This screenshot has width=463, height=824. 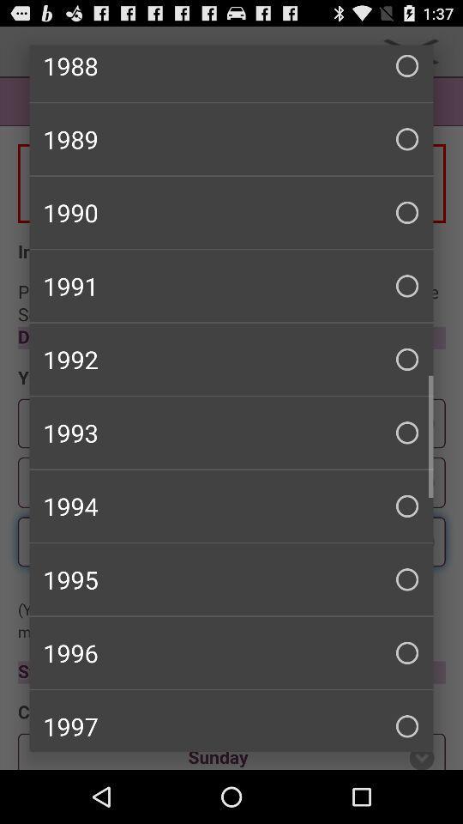 I want to click on 1994 item, so click(x=231, y=506).